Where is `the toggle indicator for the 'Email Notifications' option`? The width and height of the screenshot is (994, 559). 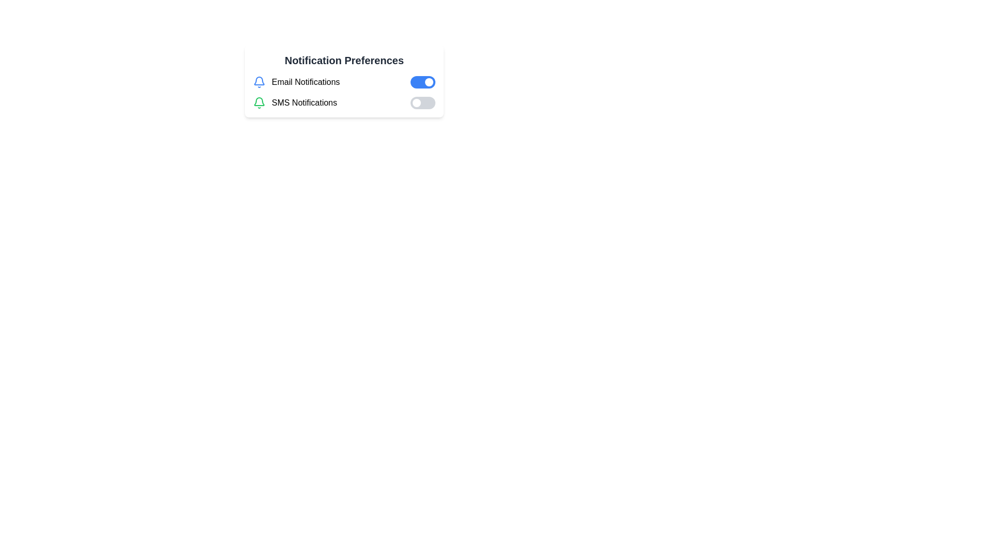
the toggle indicator for the 'Email Notifications' option is located at coordinates (429, 81).